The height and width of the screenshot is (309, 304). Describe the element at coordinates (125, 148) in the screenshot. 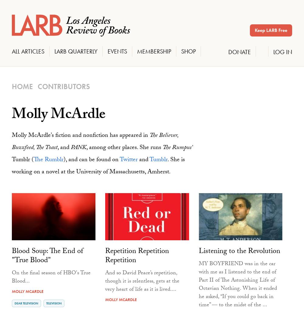

I see `'among other places. She runs'` at that location.